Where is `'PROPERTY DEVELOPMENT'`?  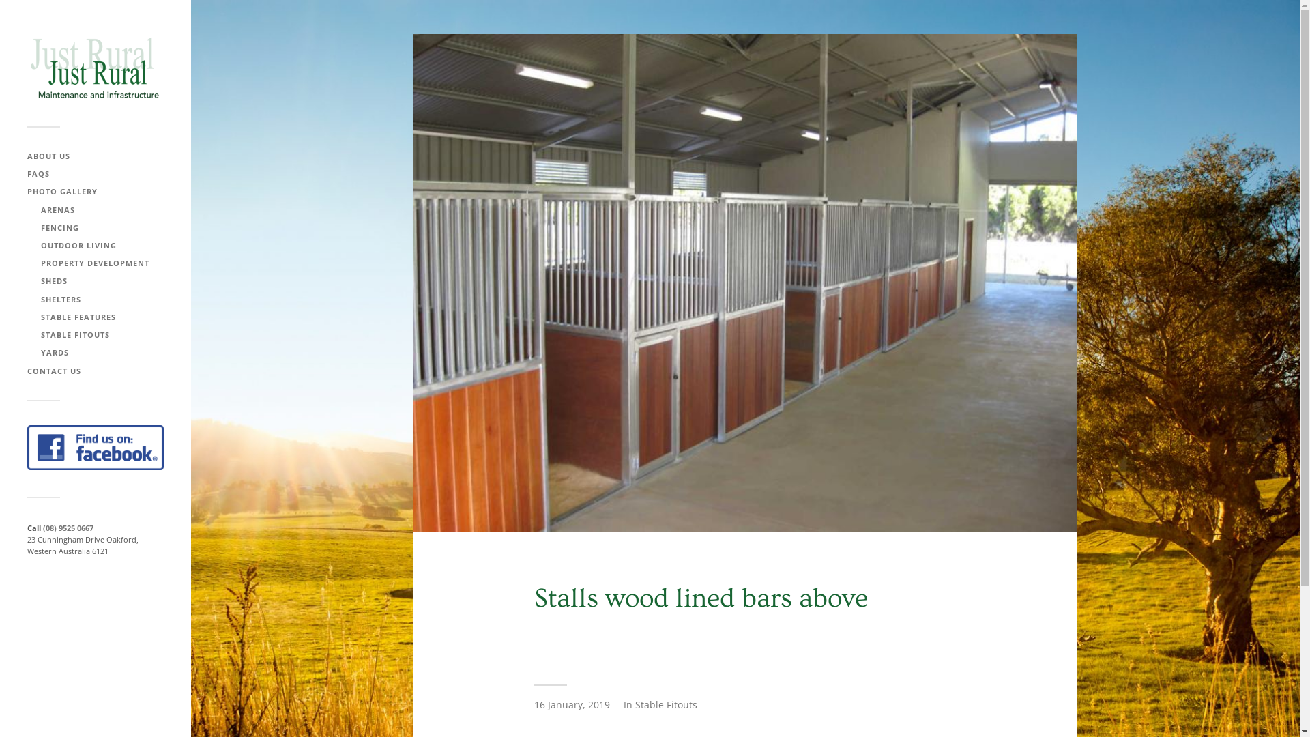 'PROPERTY DEVELOPMENT' is located at coordinates (94, 263).